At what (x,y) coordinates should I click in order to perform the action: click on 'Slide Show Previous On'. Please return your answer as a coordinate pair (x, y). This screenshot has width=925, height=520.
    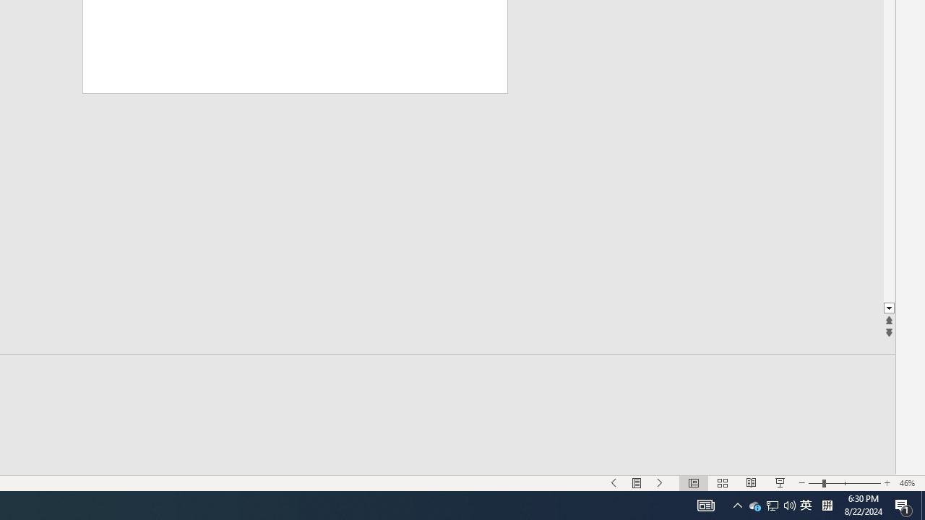
    Looking at the image, I should click on (614, 483).